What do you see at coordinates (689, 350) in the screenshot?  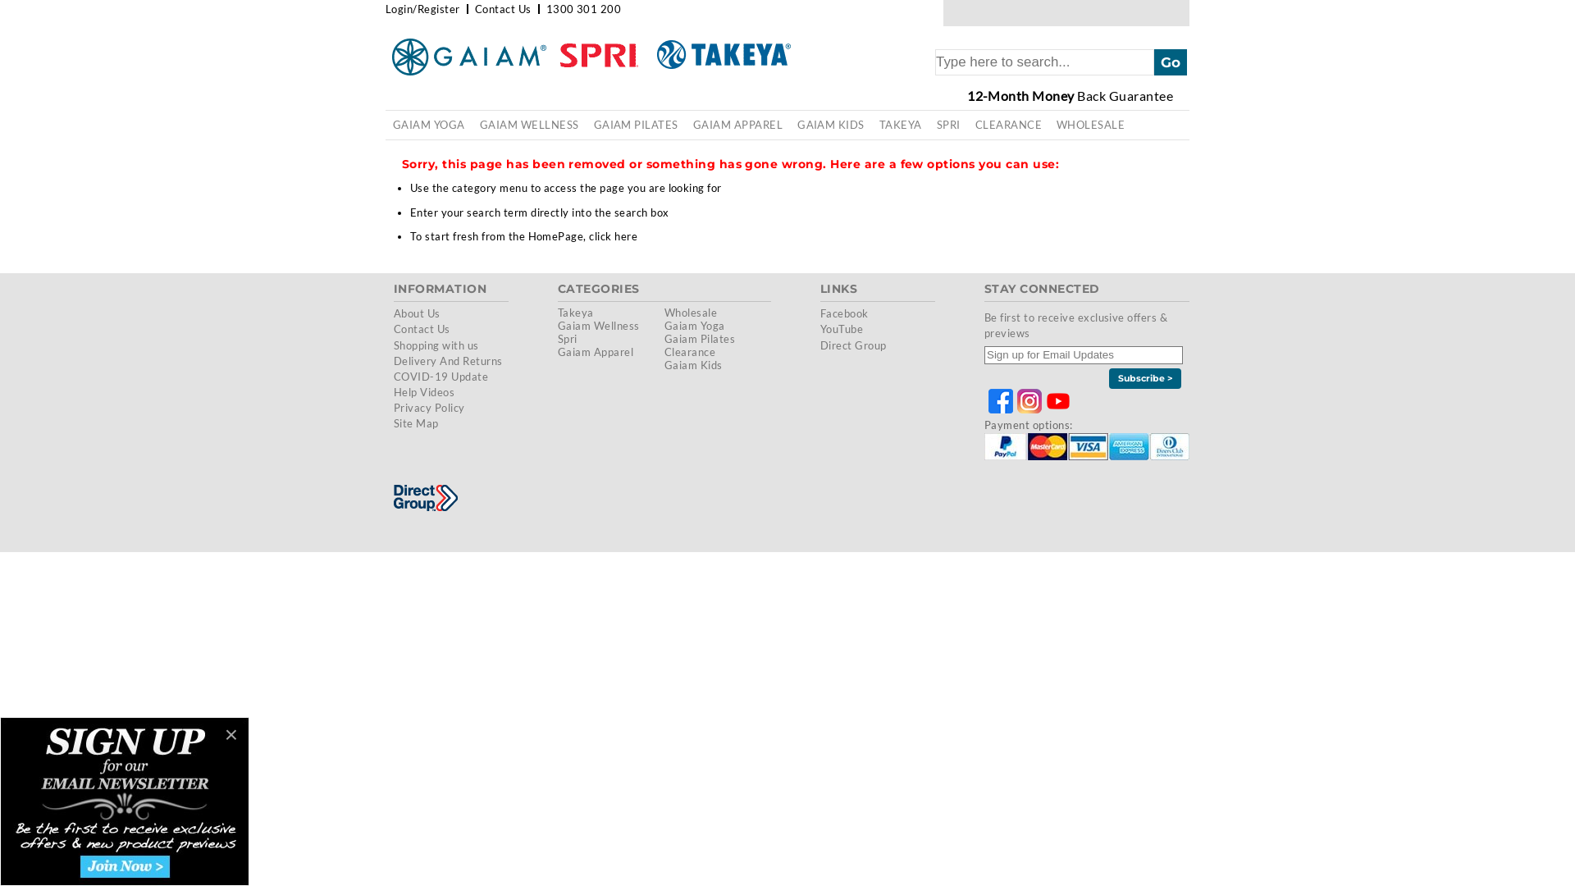 I see `'Clearance'` at bounding box center [689, 350].